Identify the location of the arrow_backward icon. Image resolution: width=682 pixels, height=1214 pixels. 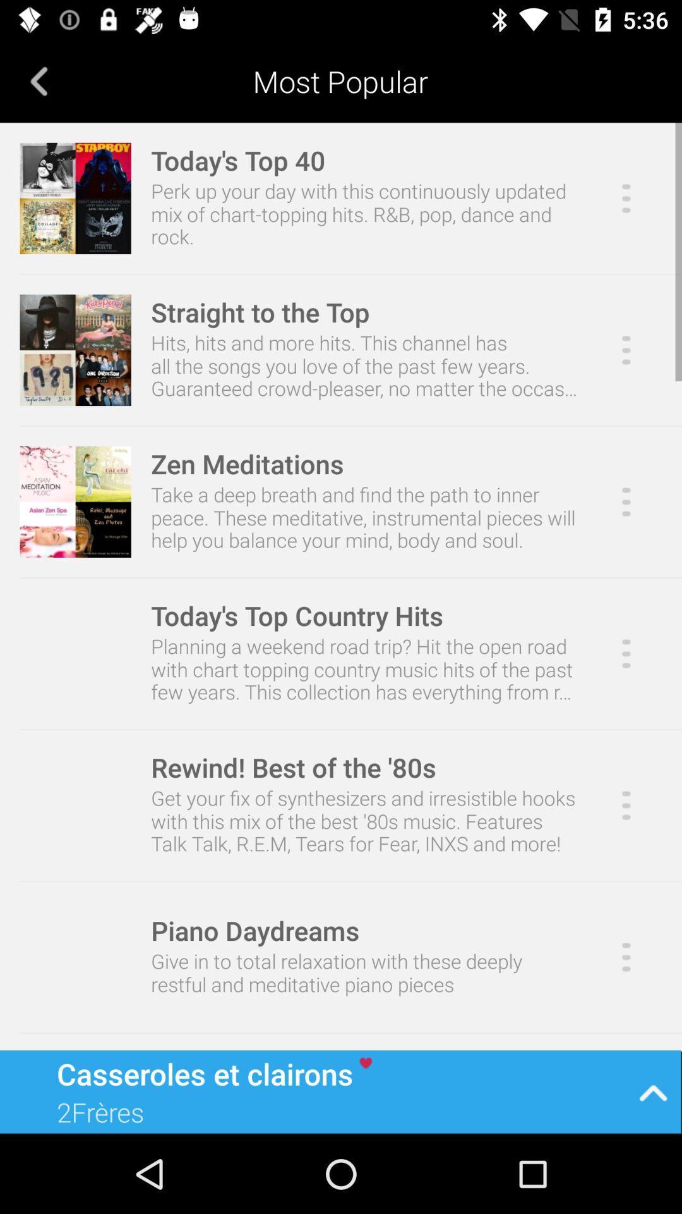
(39, 80).